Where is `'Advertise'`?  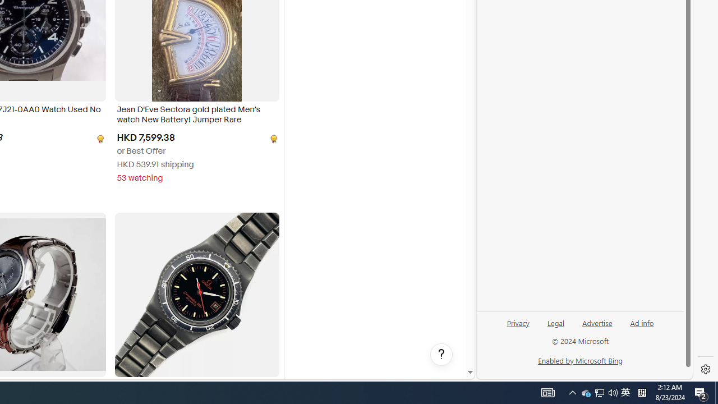
'Advertise' is located at coordinates (596, 327).